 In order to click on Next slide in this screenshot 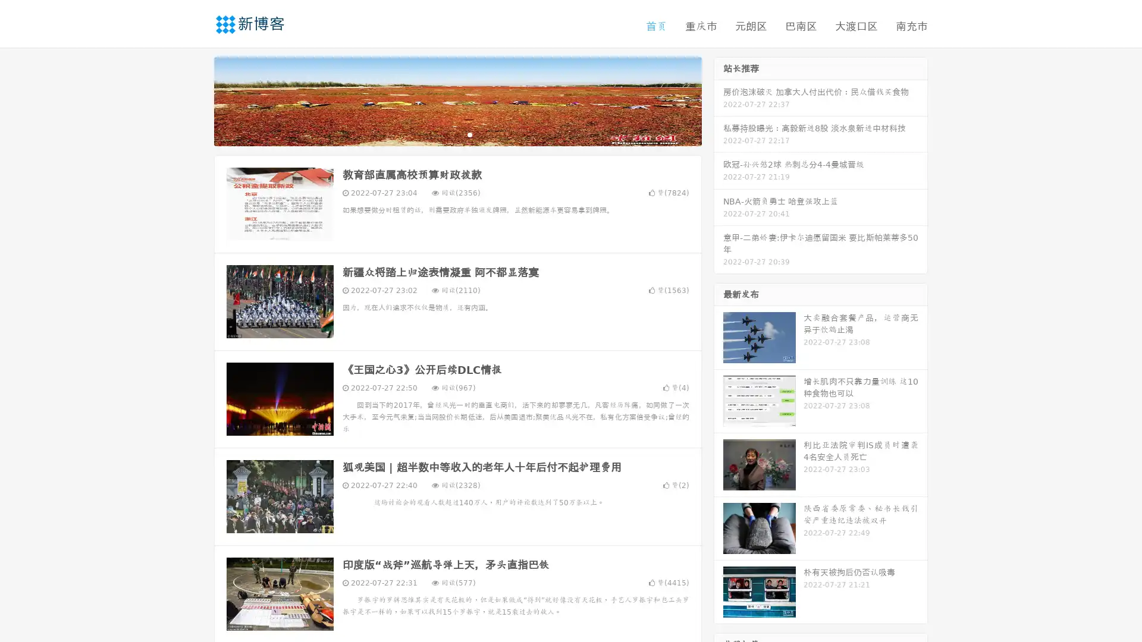, I will do `click(719, 100)`.